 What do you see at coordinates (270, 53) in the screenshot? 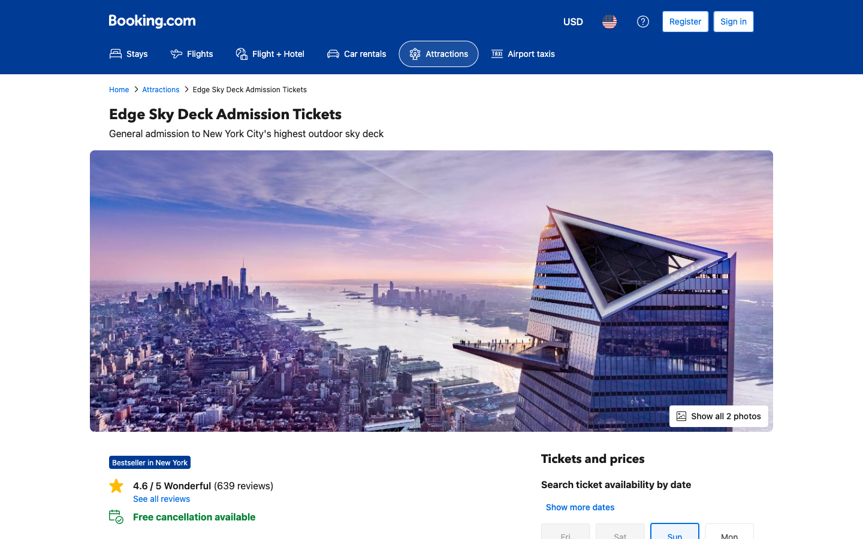
I see `Search for flights and hotels` at bounding box center [270, 53].